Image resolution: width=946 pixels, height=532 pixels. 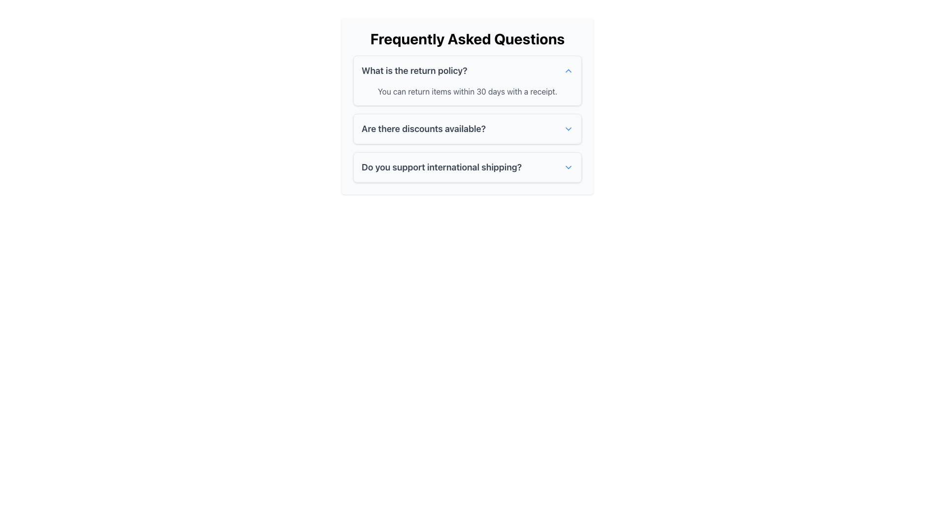 I want to click on the second item in the FAQ section, which is the Collapsible/Expandable Section Header related to discounts, so click(x=467, y=129).